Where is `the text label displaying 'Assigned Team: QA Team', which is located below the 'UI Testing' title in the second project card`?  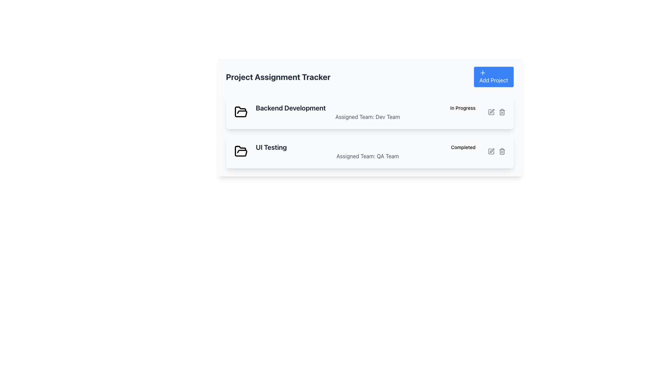
the text label displaying 'Assigned Team: QA Team', which is located below the 'UI Testing' title in the second project card is located at coordinates (367, 156).